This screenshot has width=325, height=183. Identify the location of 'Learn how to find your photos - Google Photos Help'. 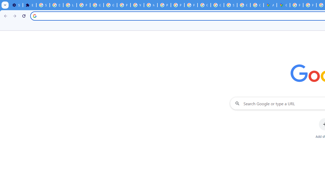
(70, 5).